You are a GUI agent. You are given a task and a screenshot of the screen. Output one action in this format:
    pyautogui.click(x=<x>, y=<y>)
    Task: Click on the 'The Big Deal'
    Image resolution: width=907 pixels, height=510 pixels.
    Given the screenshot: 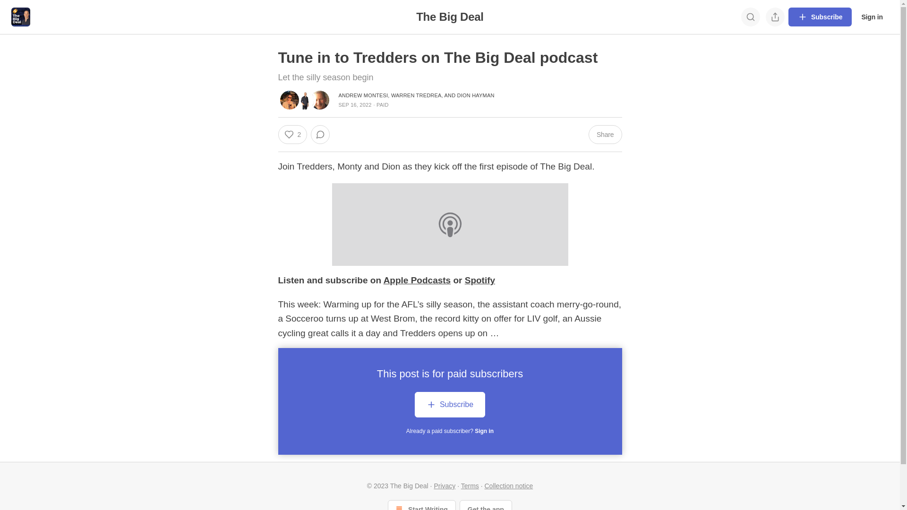 What is the action you would take?
    pyautogui.click(x=449, y=17)
    